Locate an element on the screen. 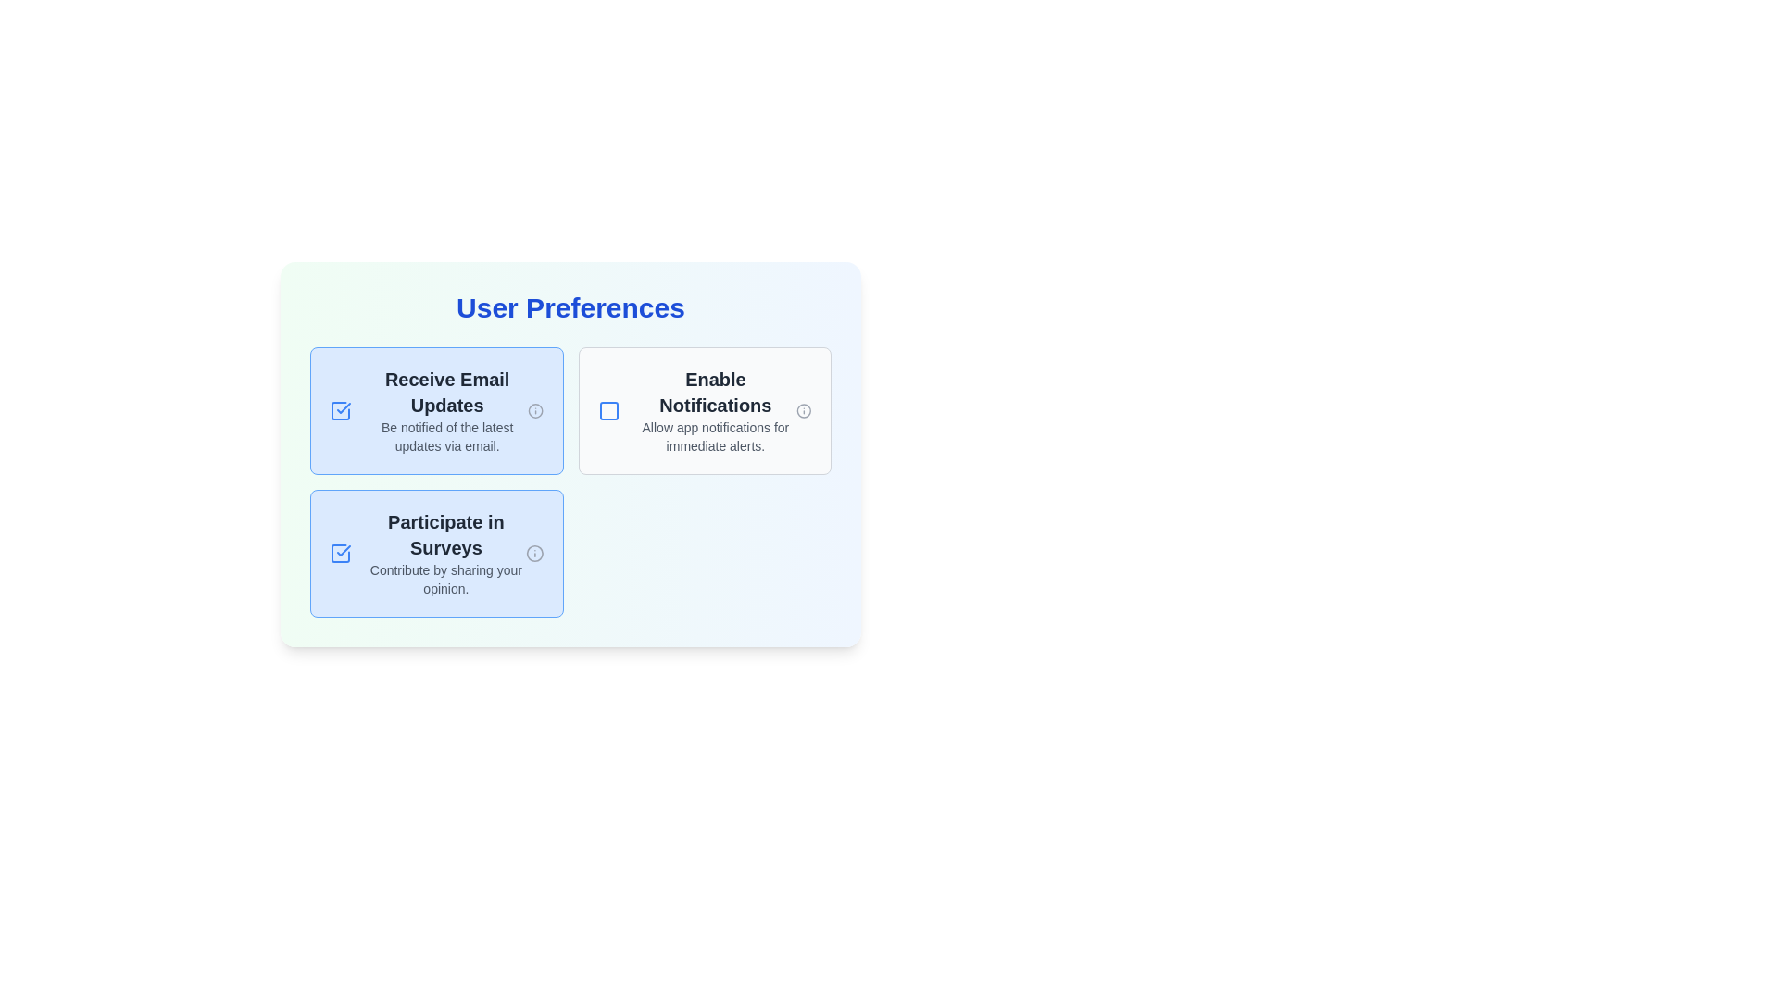 The height and width of the screenshot is (1000, 1778). the checkbox element that allows users to indicate their interest in participating in surveys is located at coordinates (435, 552).